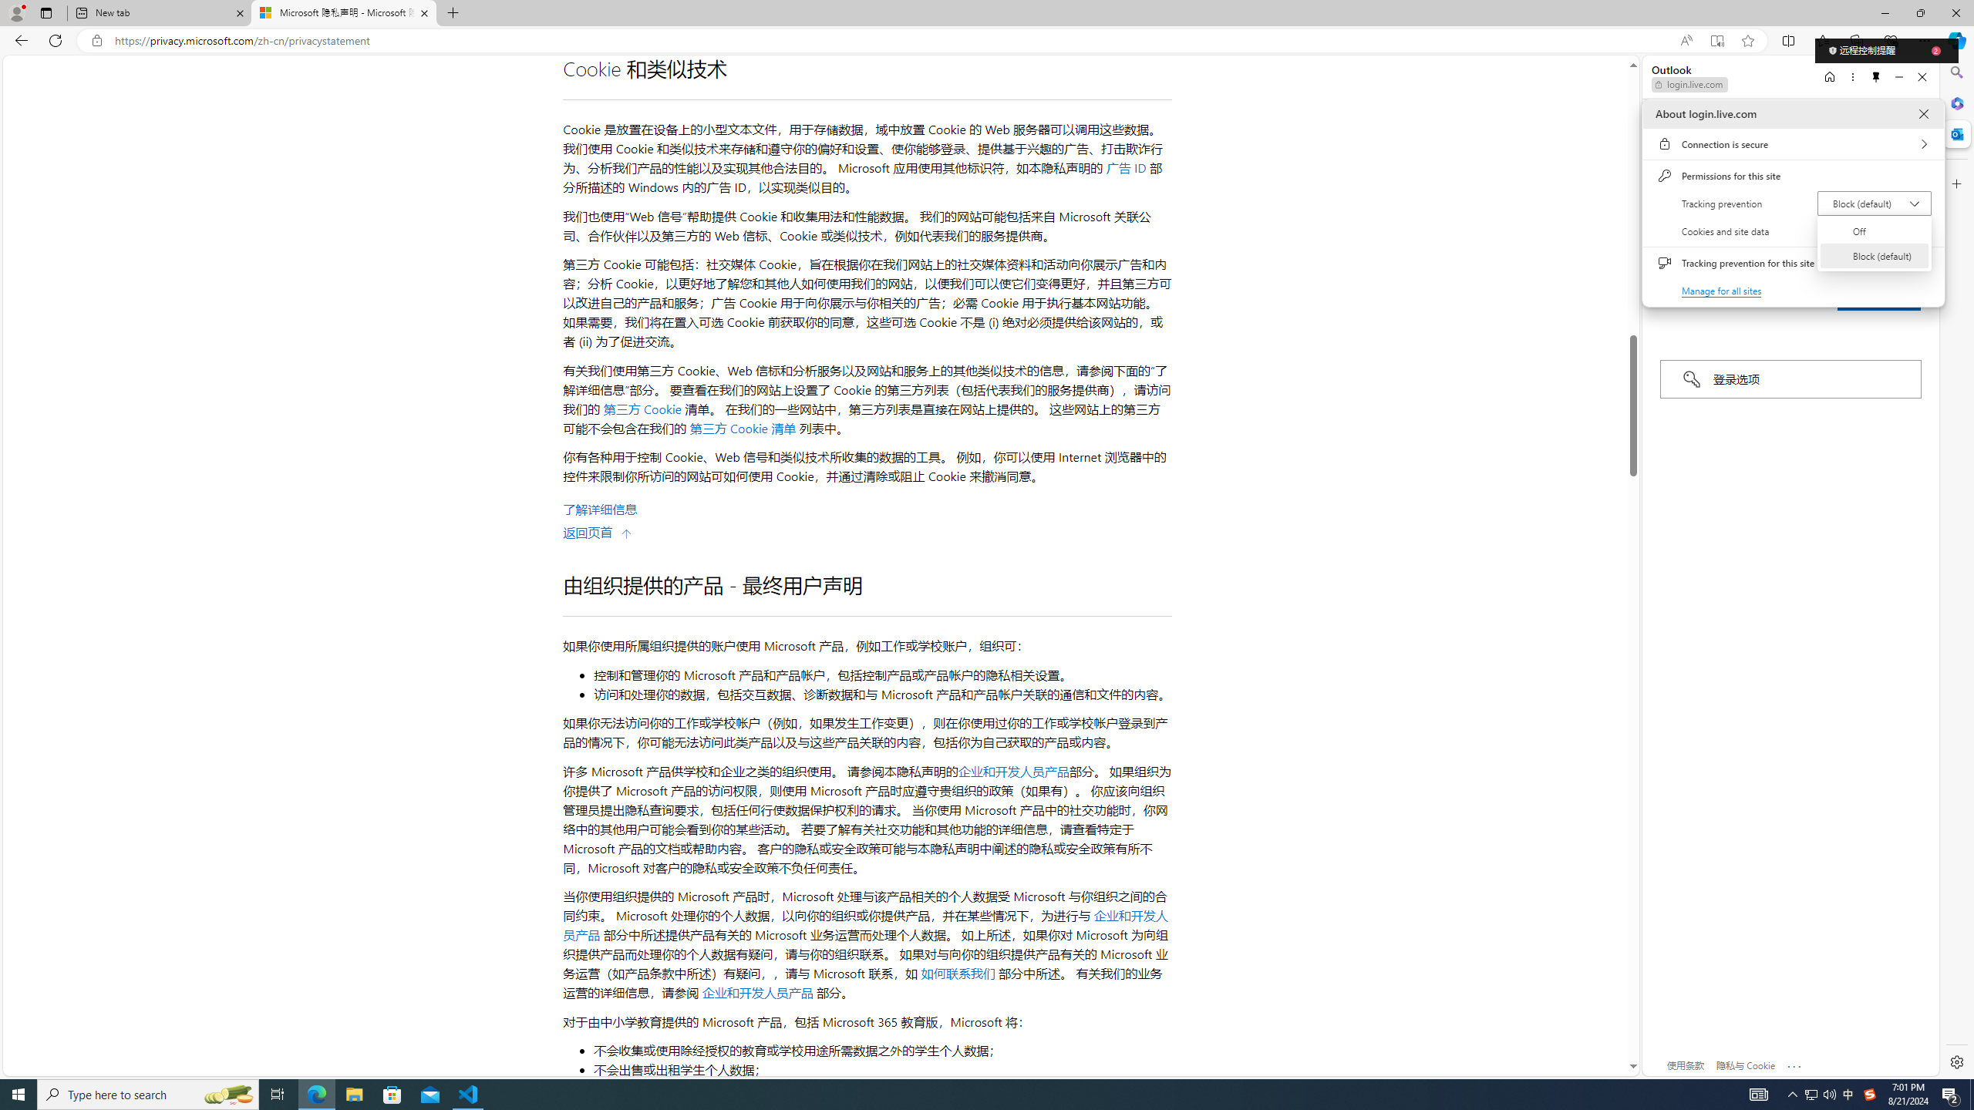  Describe the element at coordinates (1792, 230) in the screenshot. I see `'Cookies and site data'` at that location.